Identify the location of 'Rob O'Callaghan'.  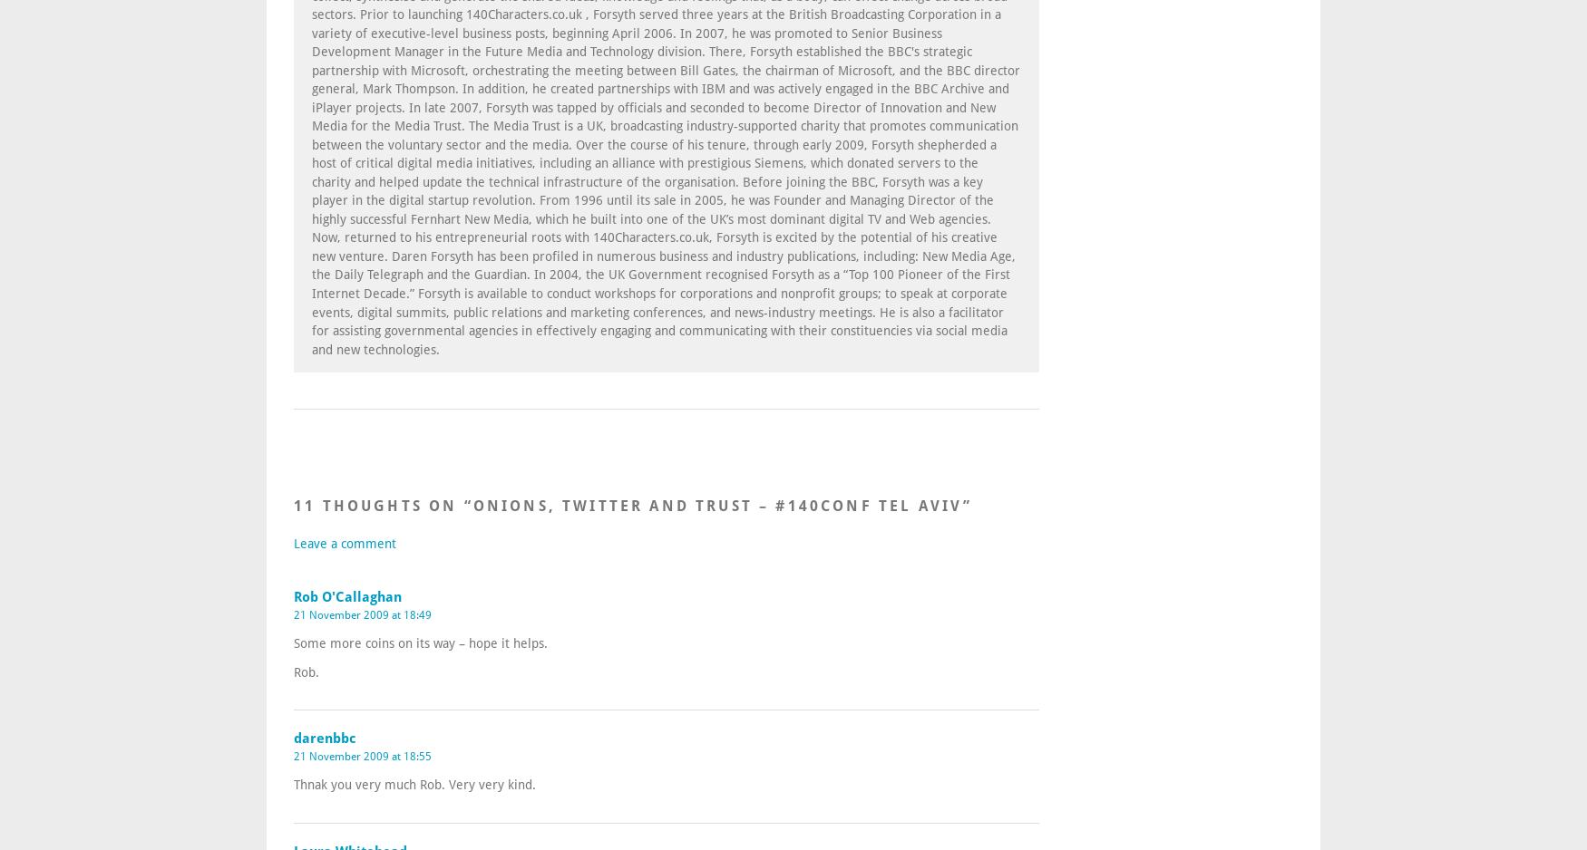
(346, 596).